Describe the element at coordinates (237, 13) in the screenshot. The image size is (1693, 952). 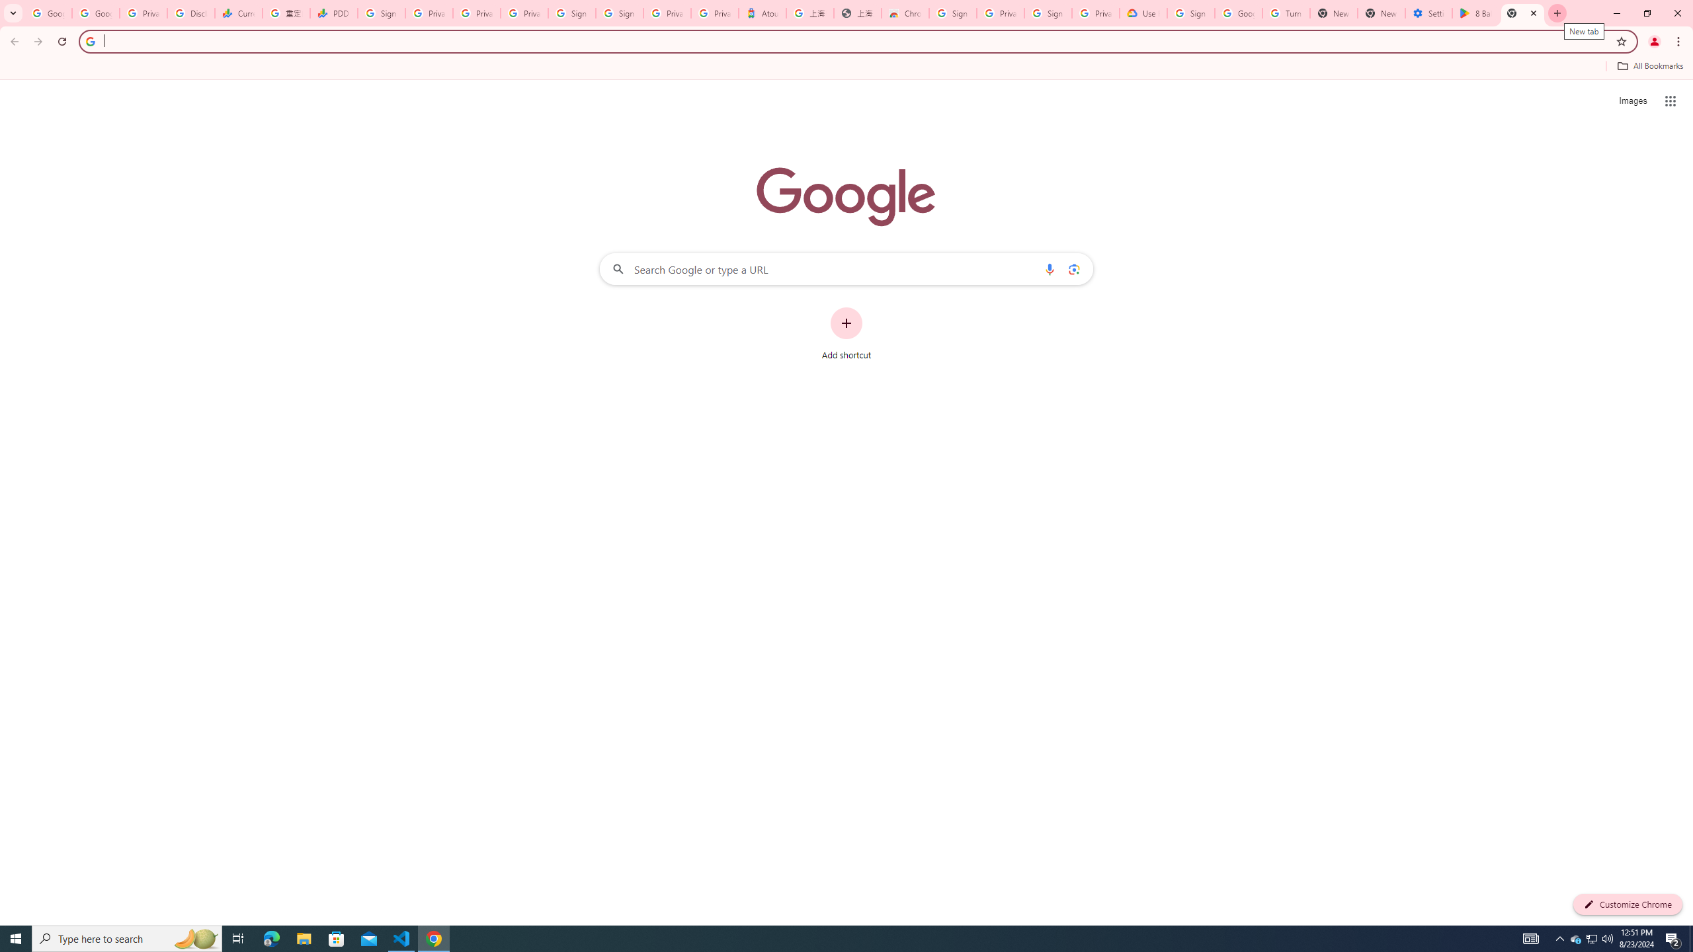
I see `'Currencies - Google Finance'` at that location.